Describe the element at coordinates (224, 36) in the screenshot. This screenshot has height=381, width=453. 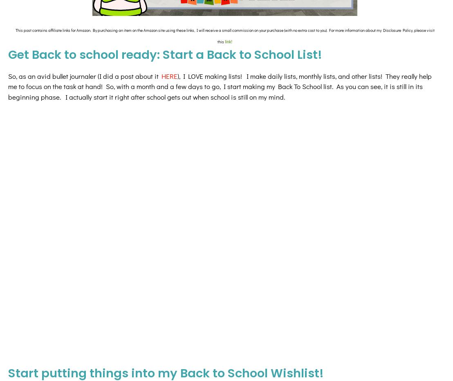
I see `'This post contains affiliate links for Amazon. By purchasing an item on the Amazon site using these links, I will receive a small commission on your purchase (with no extra cost to you). For more information about my Disclosure Policy, please visit this'` at that location.